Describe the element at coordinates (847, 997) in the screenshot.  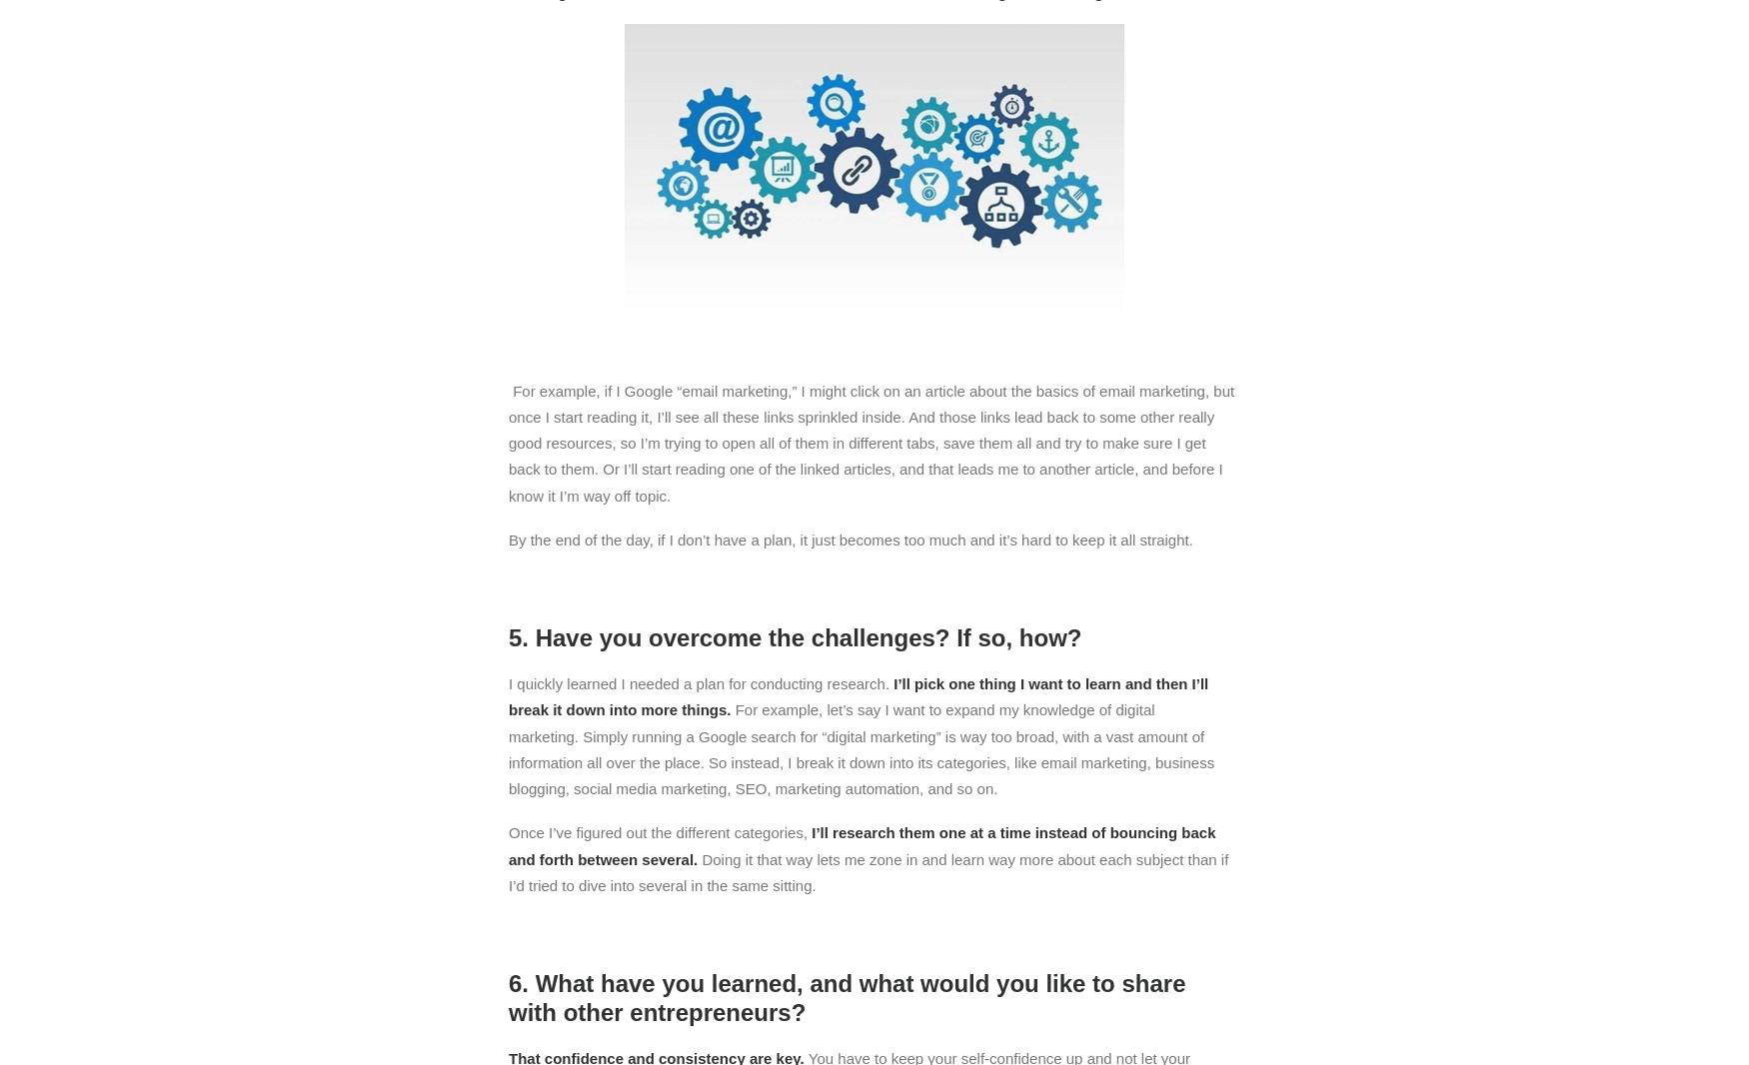
I see `'6. What have you learned, and what would you like to share with other entrepreneurs?'` at that location.